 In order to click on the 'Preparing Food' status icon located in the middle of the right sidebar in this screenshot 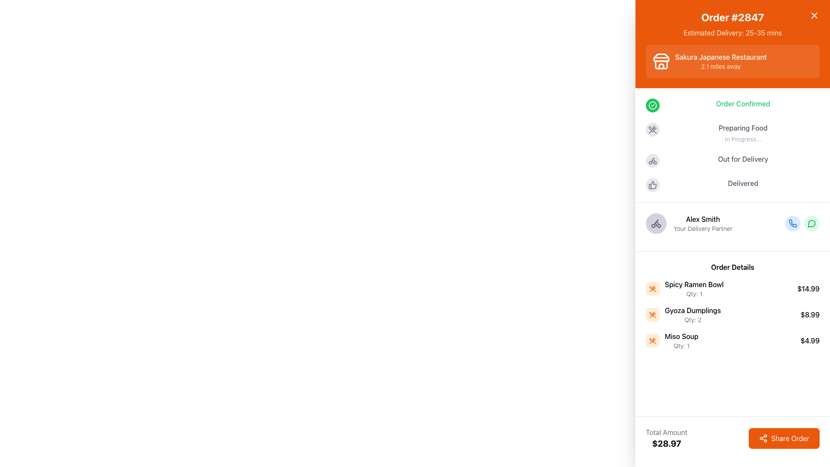, I will do `click(653, 130)`.